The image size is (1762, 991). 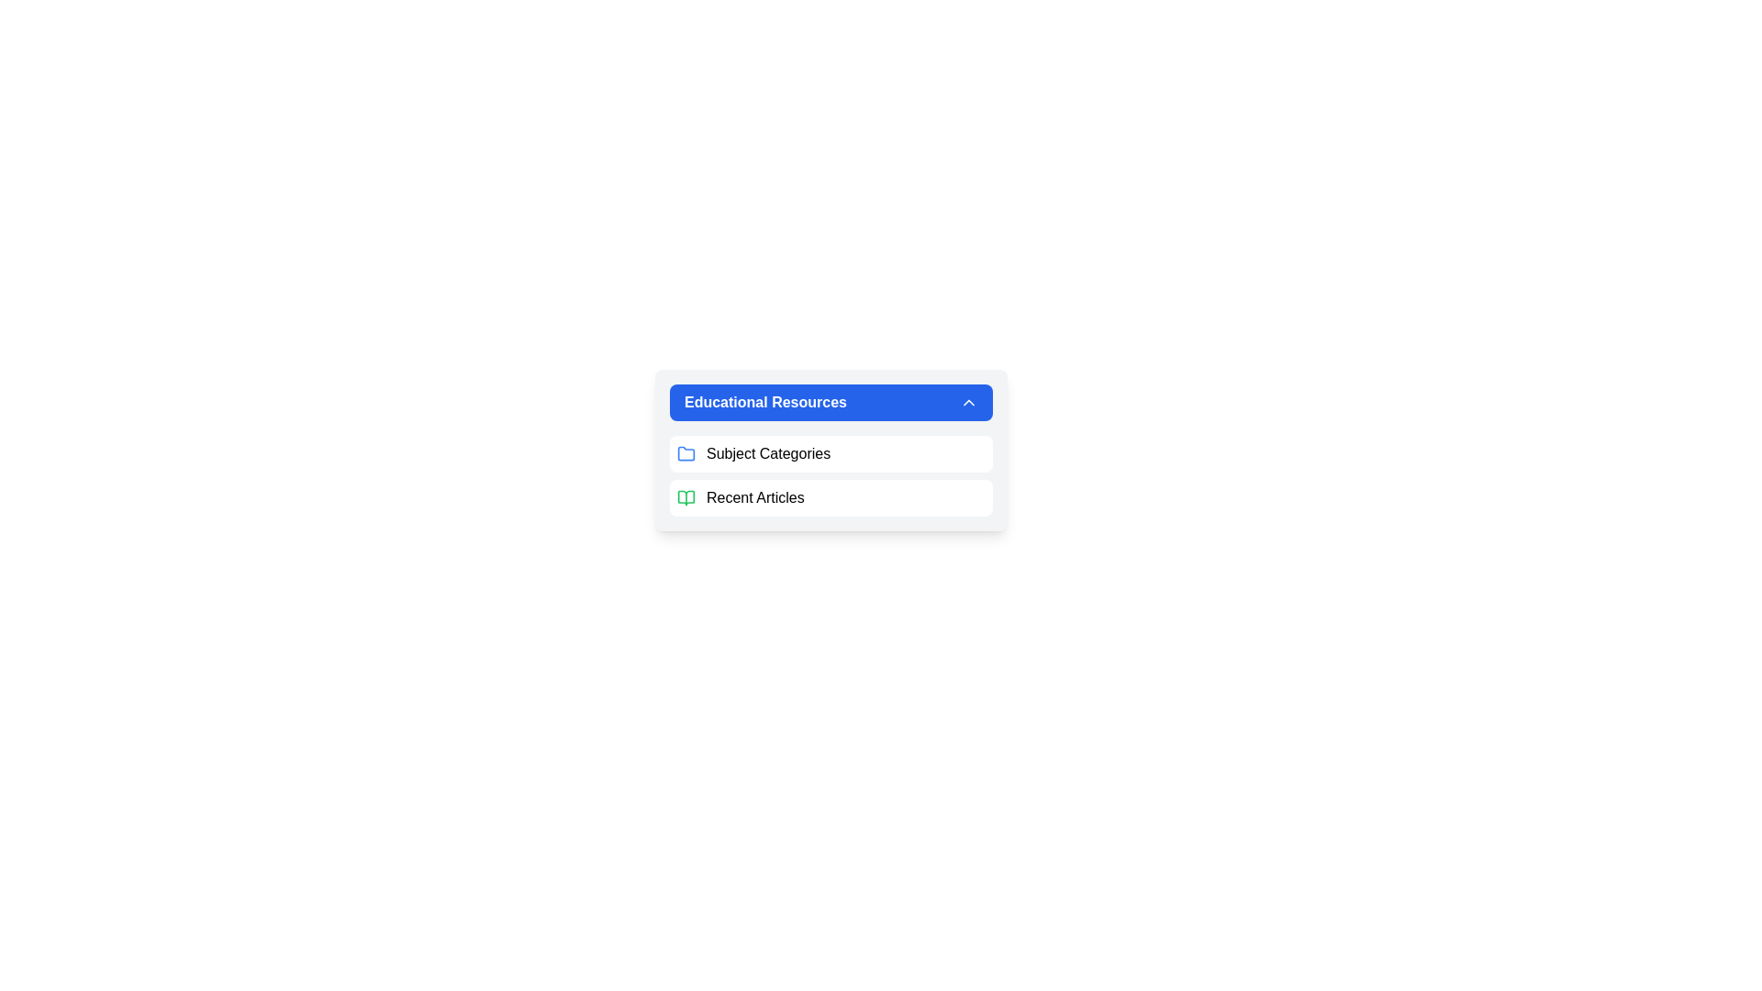 I want to click on text content of the label displaying 'Subject Categories', which is located under the main heading in the 'Educational Resources' section, to the right of a folder icon, so click(x=768, y=453).